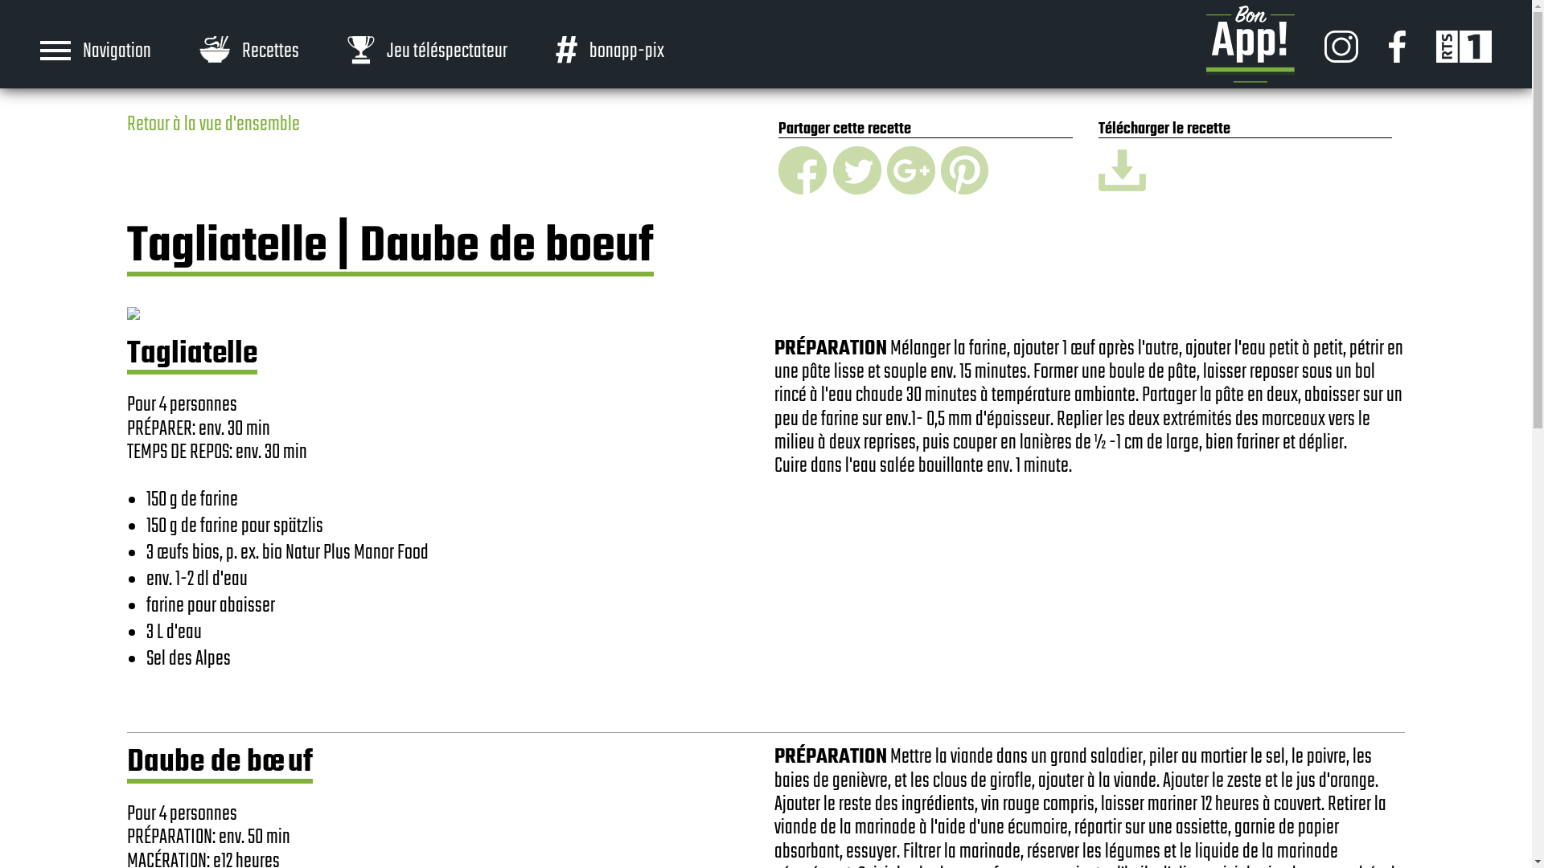 The image size is (1544, 868). I want to click on 'bonapp-pix', so click(609, 49).